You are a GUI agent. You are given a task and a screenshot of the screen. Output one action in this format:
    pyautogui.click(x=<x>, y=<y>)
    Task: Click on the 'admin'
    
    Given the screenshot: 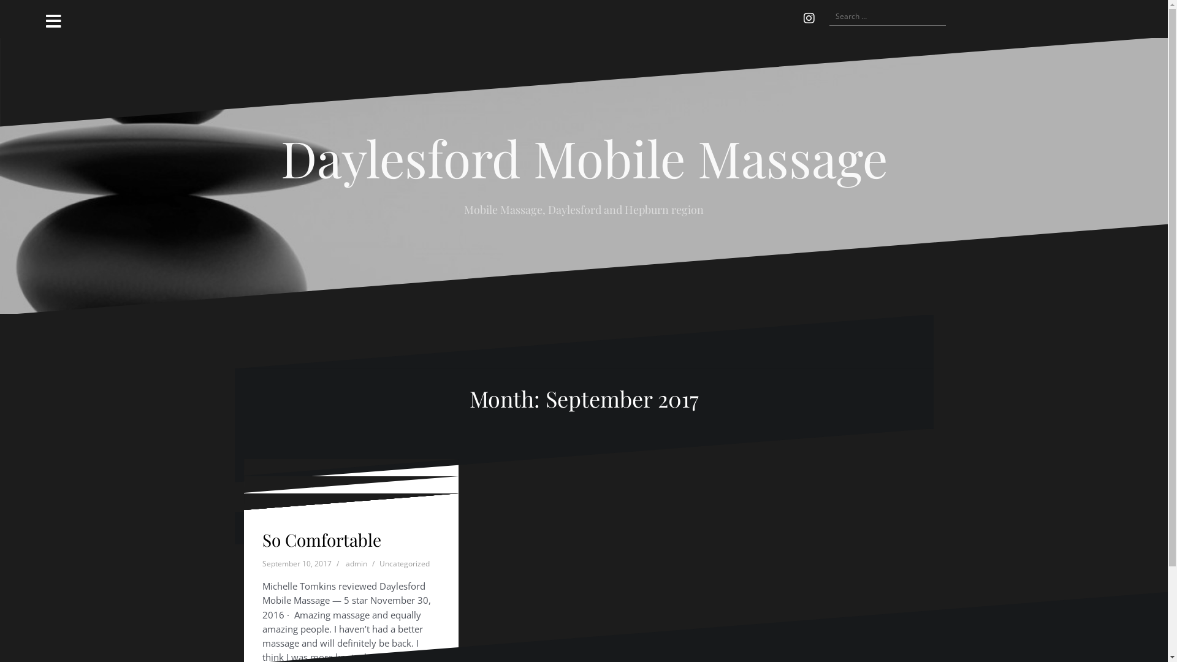 What is the action you would take?
    pyautogui.click(x=345, y=563)
    